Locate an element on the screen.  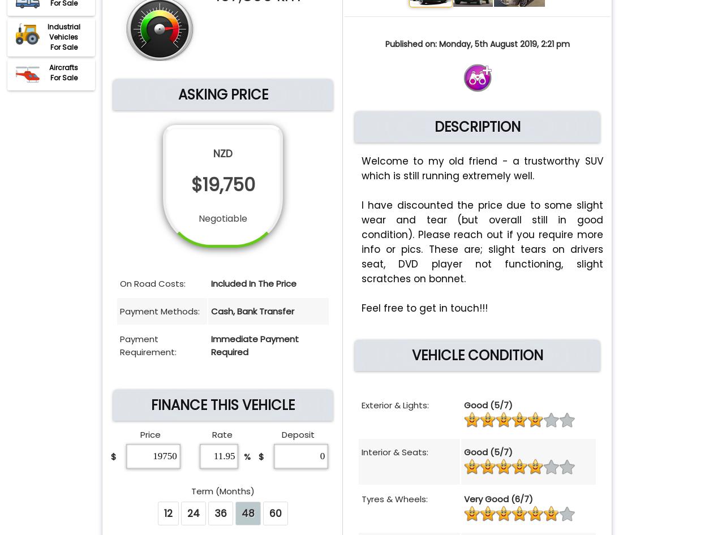
'Included In The Price' is located at coordinates (254, 283).